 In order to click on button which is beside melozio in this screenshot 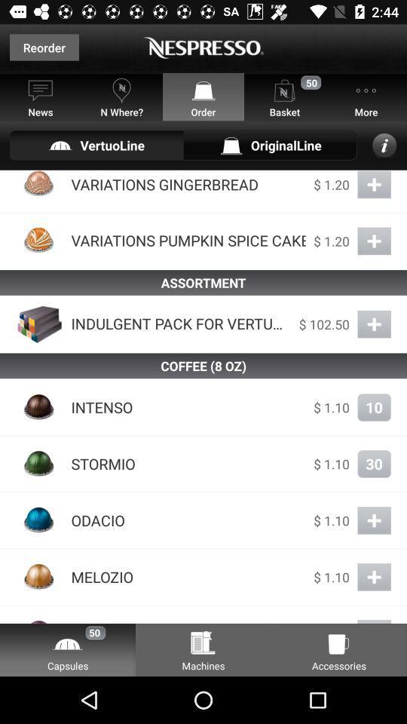, I will do `click(373, 576)`.